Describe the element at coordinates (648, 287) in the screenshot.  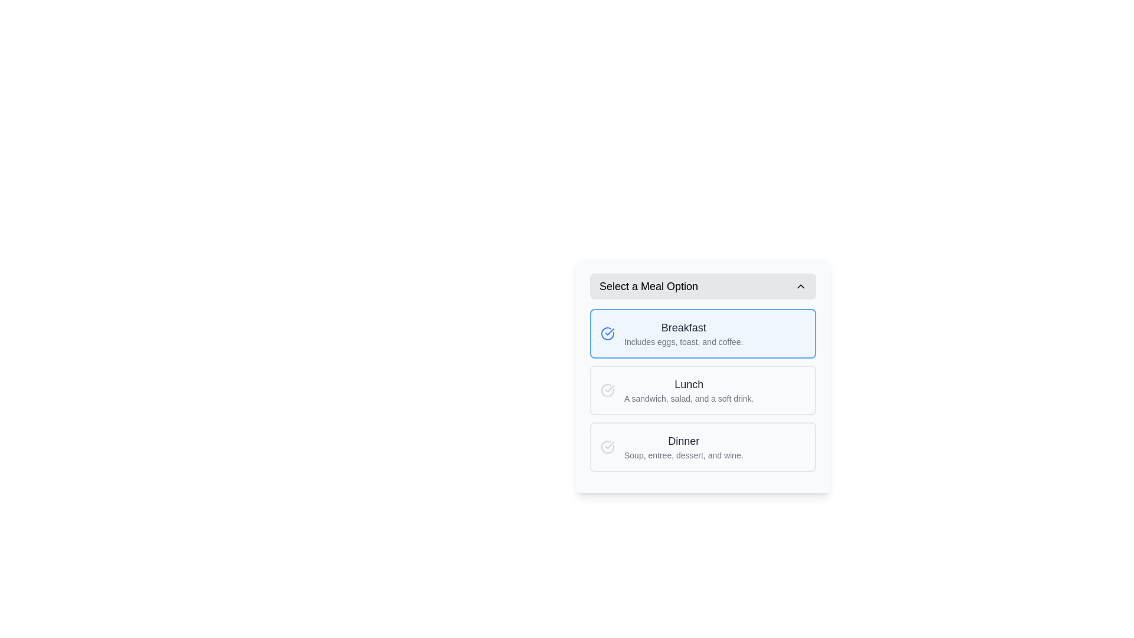
I see `the text label that reads 'Select a Meal Option', which is styled with a large font size and medium font weight, located in a rounded rectangle box with a light grey background` at that location.